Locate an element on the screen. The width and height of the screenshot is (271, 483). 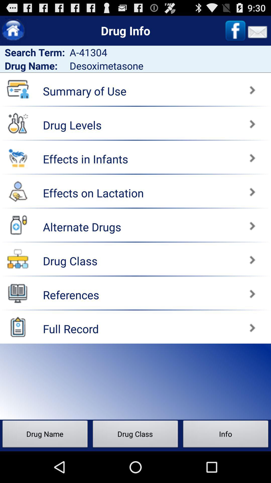
the avatar icon is located at coordinates (18, 205).